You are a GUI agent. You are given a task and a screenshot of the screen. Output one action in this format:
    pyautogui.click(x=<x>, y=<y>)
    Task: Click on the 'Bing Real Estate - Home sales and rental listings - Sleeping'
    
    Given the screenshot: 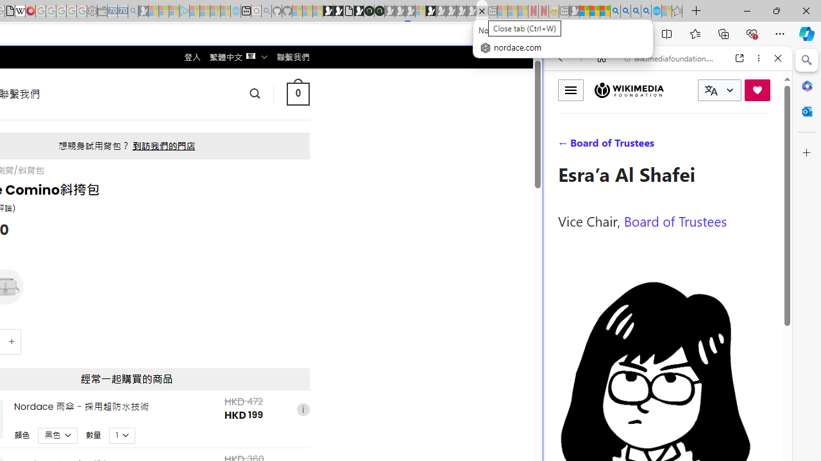 What is the action you would take?
    pyautogui.click(x=133, y=11)
    